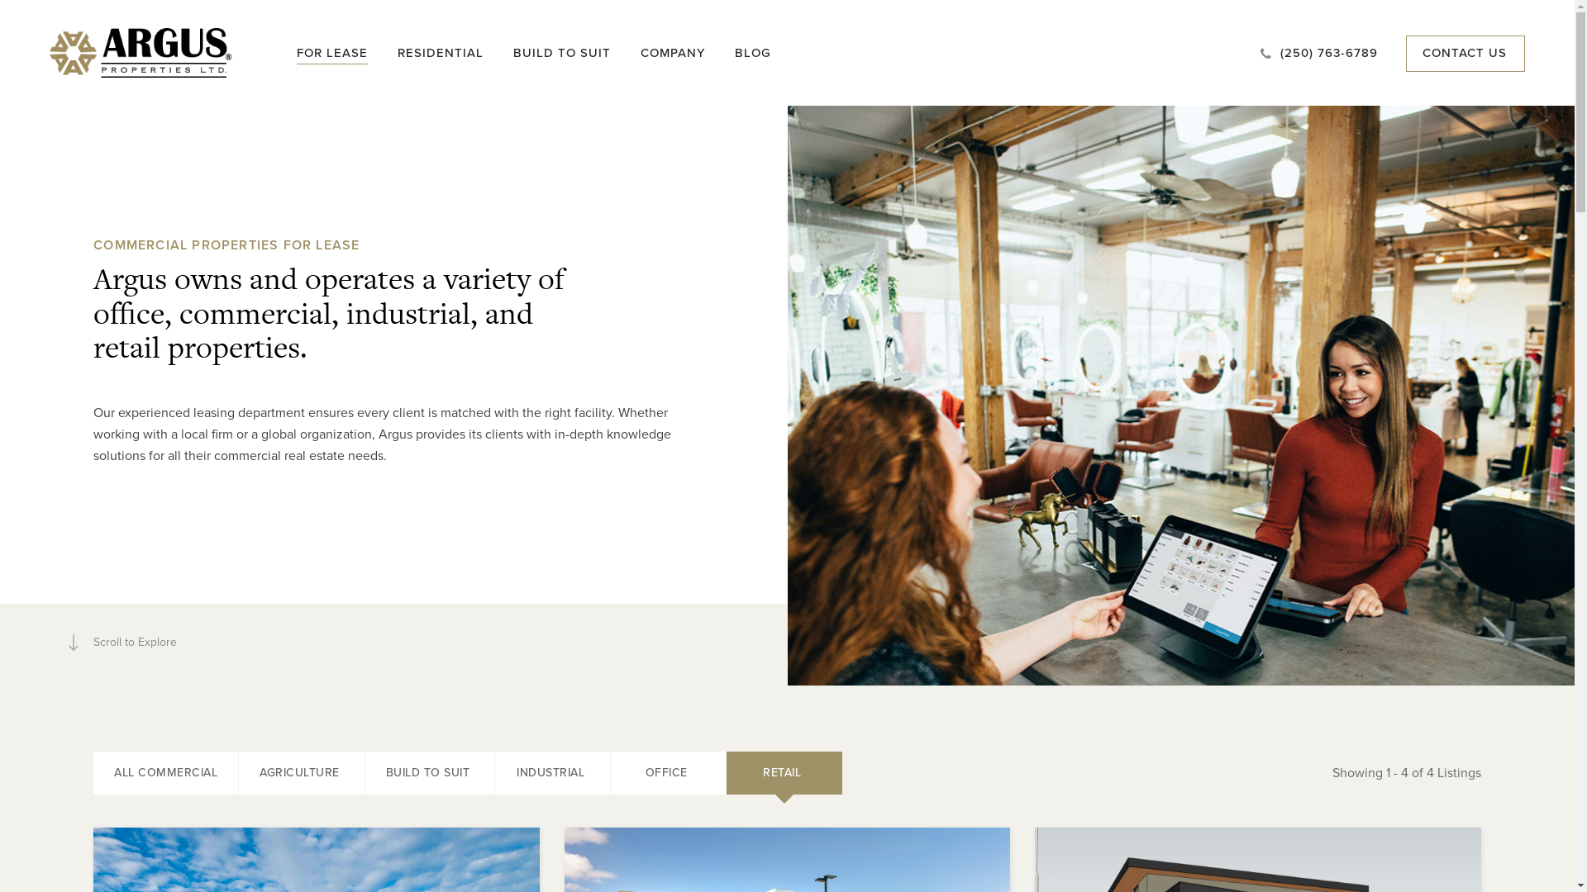  What do you see at coordinates (1422, 52) in the screenshot?
I see `'CONTACT US'` at bounding box center [1422, 52].